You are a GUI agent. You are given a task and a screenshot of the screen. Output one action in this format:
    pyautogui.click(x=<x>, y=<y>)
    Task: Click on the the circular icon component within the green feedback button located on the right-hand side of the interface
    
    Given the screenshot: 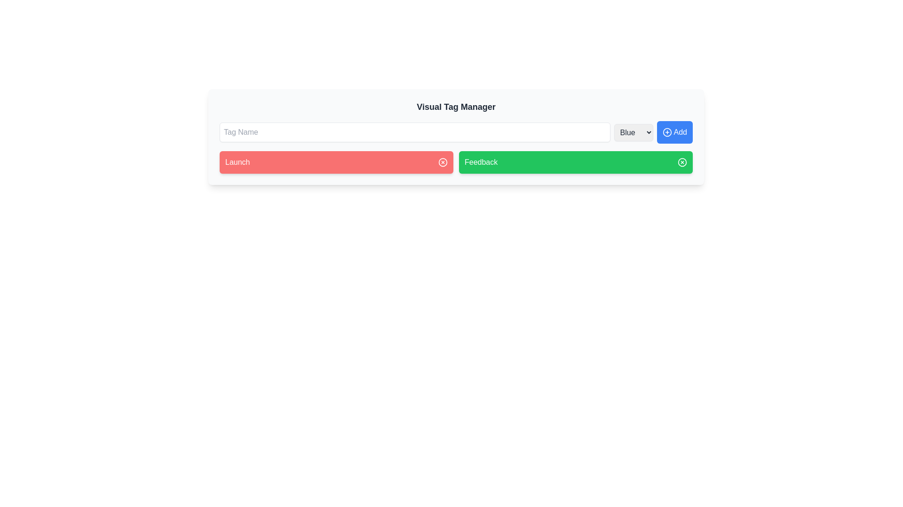 What is the action you would take?
    pyautogui.click(x=682, y=162)
    